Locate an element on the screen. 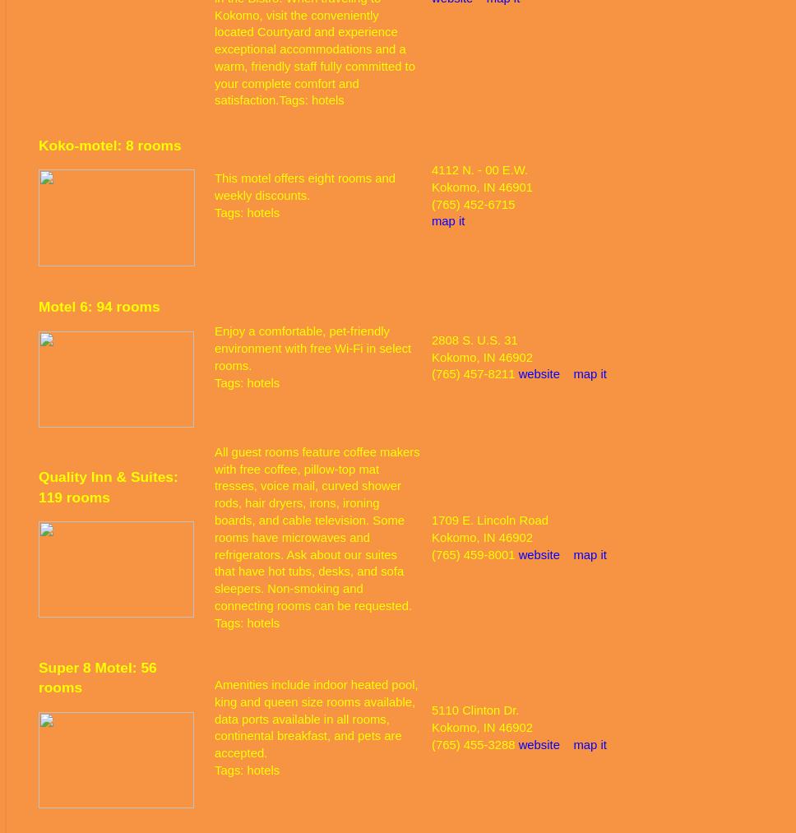  'Kokomo, IN 46901' is located at coordinates (431, 186).